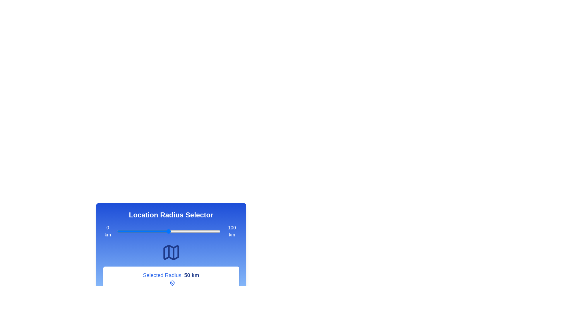  Describe the element at coordinates (171, 252) in the screenshot. I see `the map icon` at that location.